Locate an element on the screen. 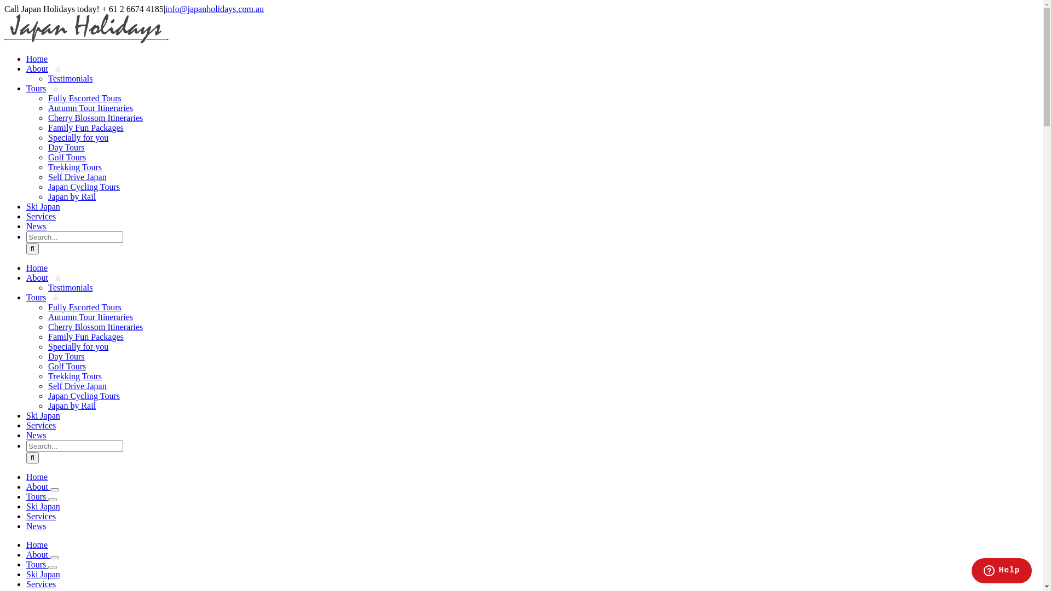 This screenshot has height=591, width=1051. 'Day Tours' is located at coordinates (47, 147).